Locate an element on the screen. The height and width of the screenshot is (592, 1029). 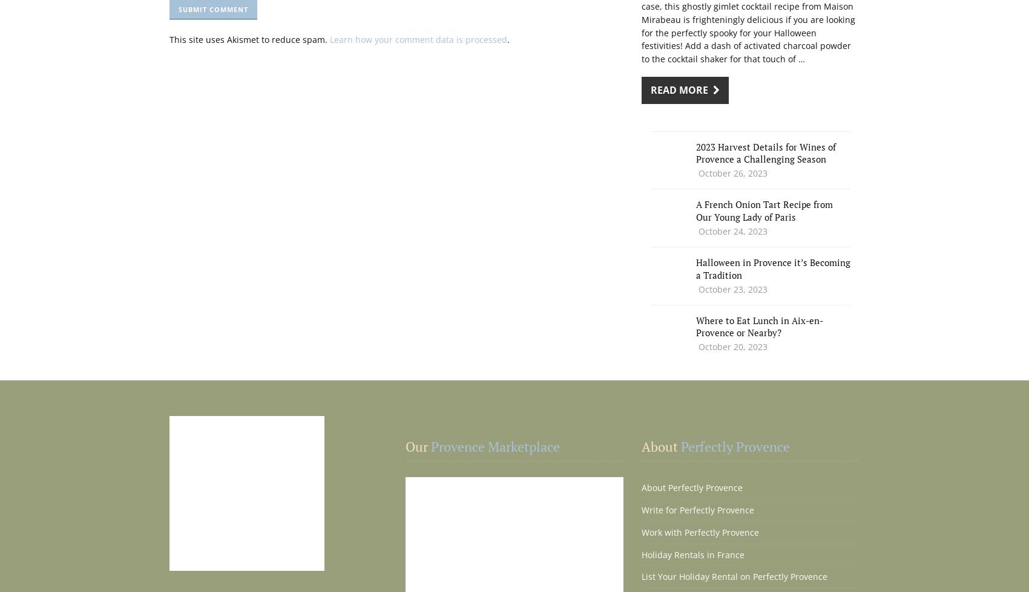
'Provence Marketplace' is located at coordinates (495, 446).